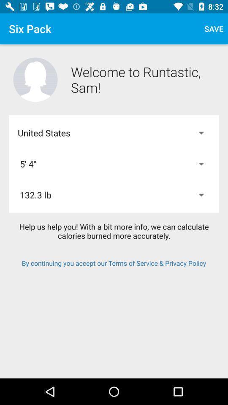 The height and width of the screenshot is (405, 228). Describe the element at coordinates (213, 29) in the screenshot. I see `item above the welcome to runtastic` at that location.